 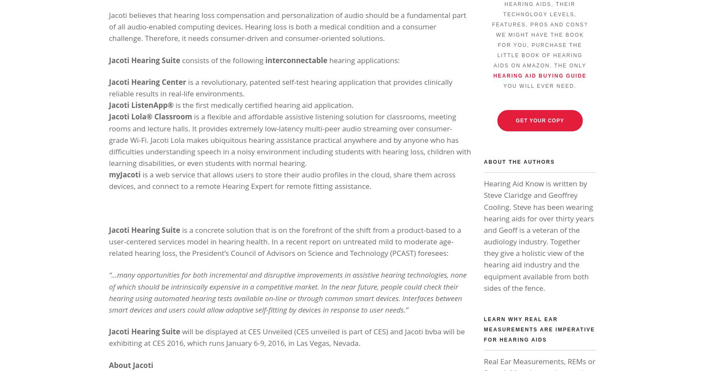 I want to click on 'will be displayed at CES Unveiled (CES unveiled is part of CES) and Jacoti bvba will be exhibiting at CES 2016, which runs', so click(x=109, y=337).